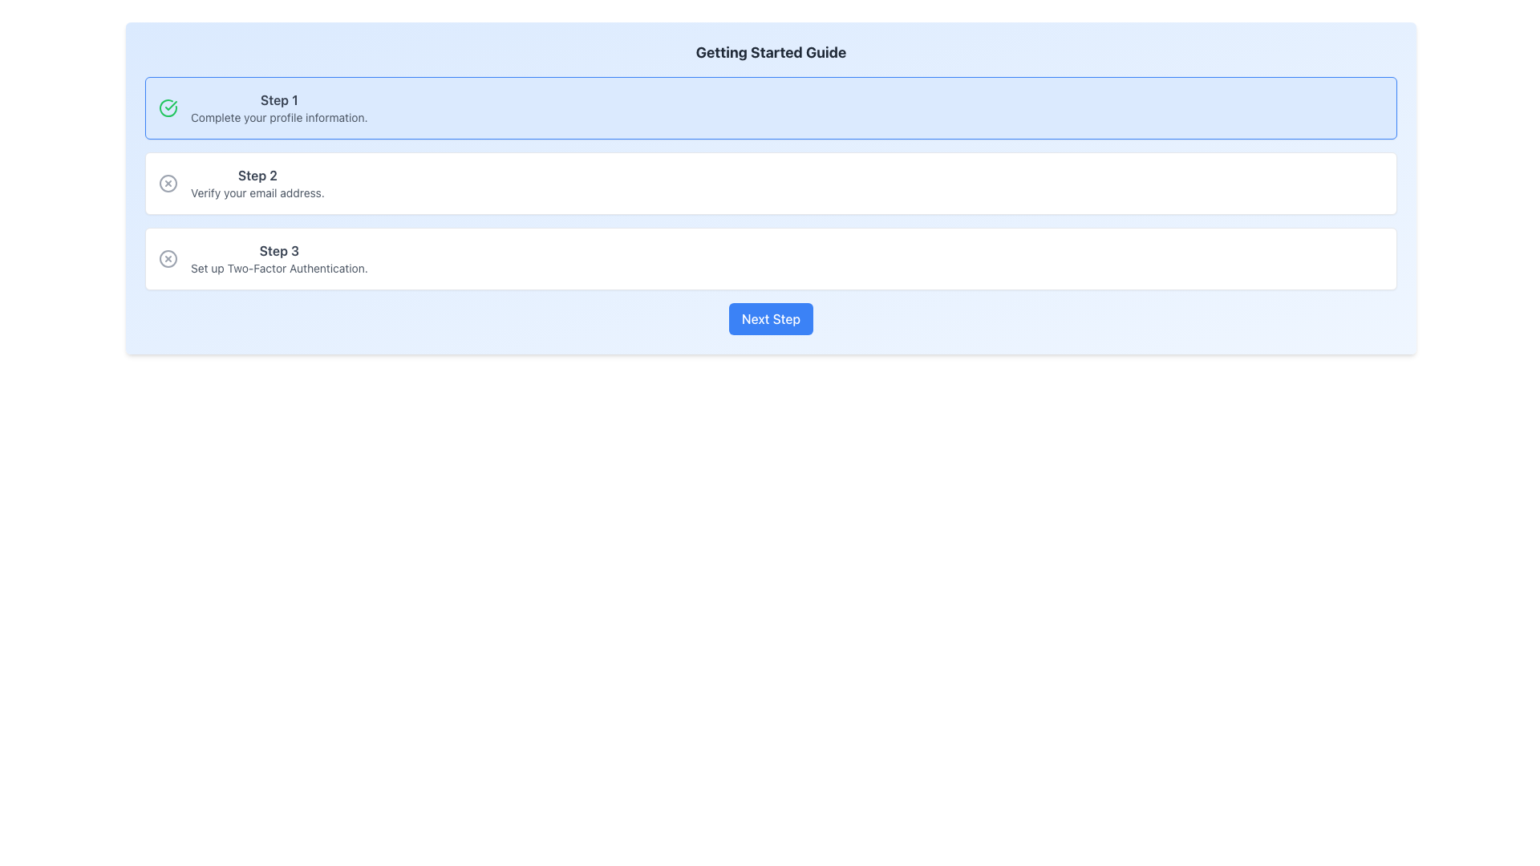 This screenshot has height=866, width=1540. What do you see at coordinates (279, 108) in the screenshot?
I see `the informational text element that indicates the first step of a multi-step process in a getting-started guide, which is located at the top of the list inside a bordered and highlighted box with a light blue fill` at bounding box center [279, 108].